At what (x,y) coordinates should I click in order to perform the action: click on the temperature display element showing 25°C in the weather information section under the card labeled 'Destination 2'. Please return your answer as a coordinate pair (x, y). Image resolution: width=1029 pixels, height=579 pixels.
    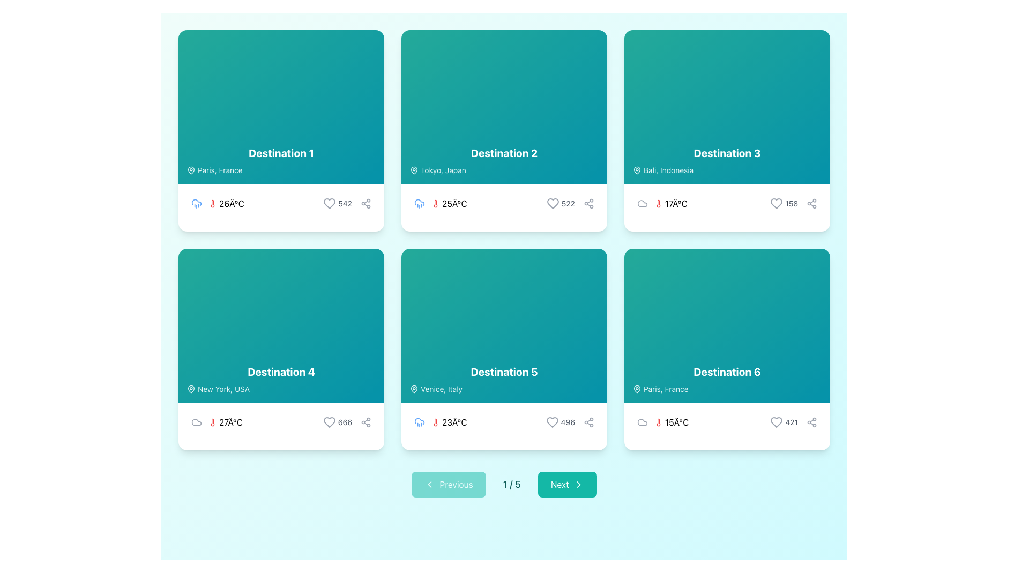
    Looking at the image, I should click on (449, 204).